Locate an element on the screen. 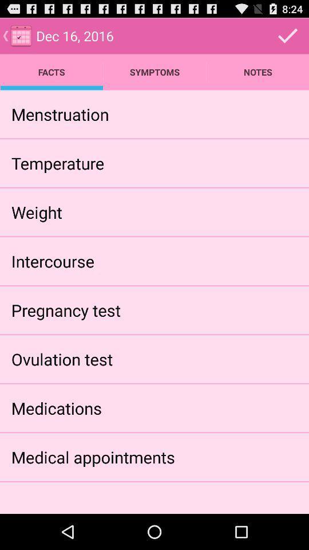 The height and width of the screenshot is (550, 309). temperature is located at coordinates (57, 162).